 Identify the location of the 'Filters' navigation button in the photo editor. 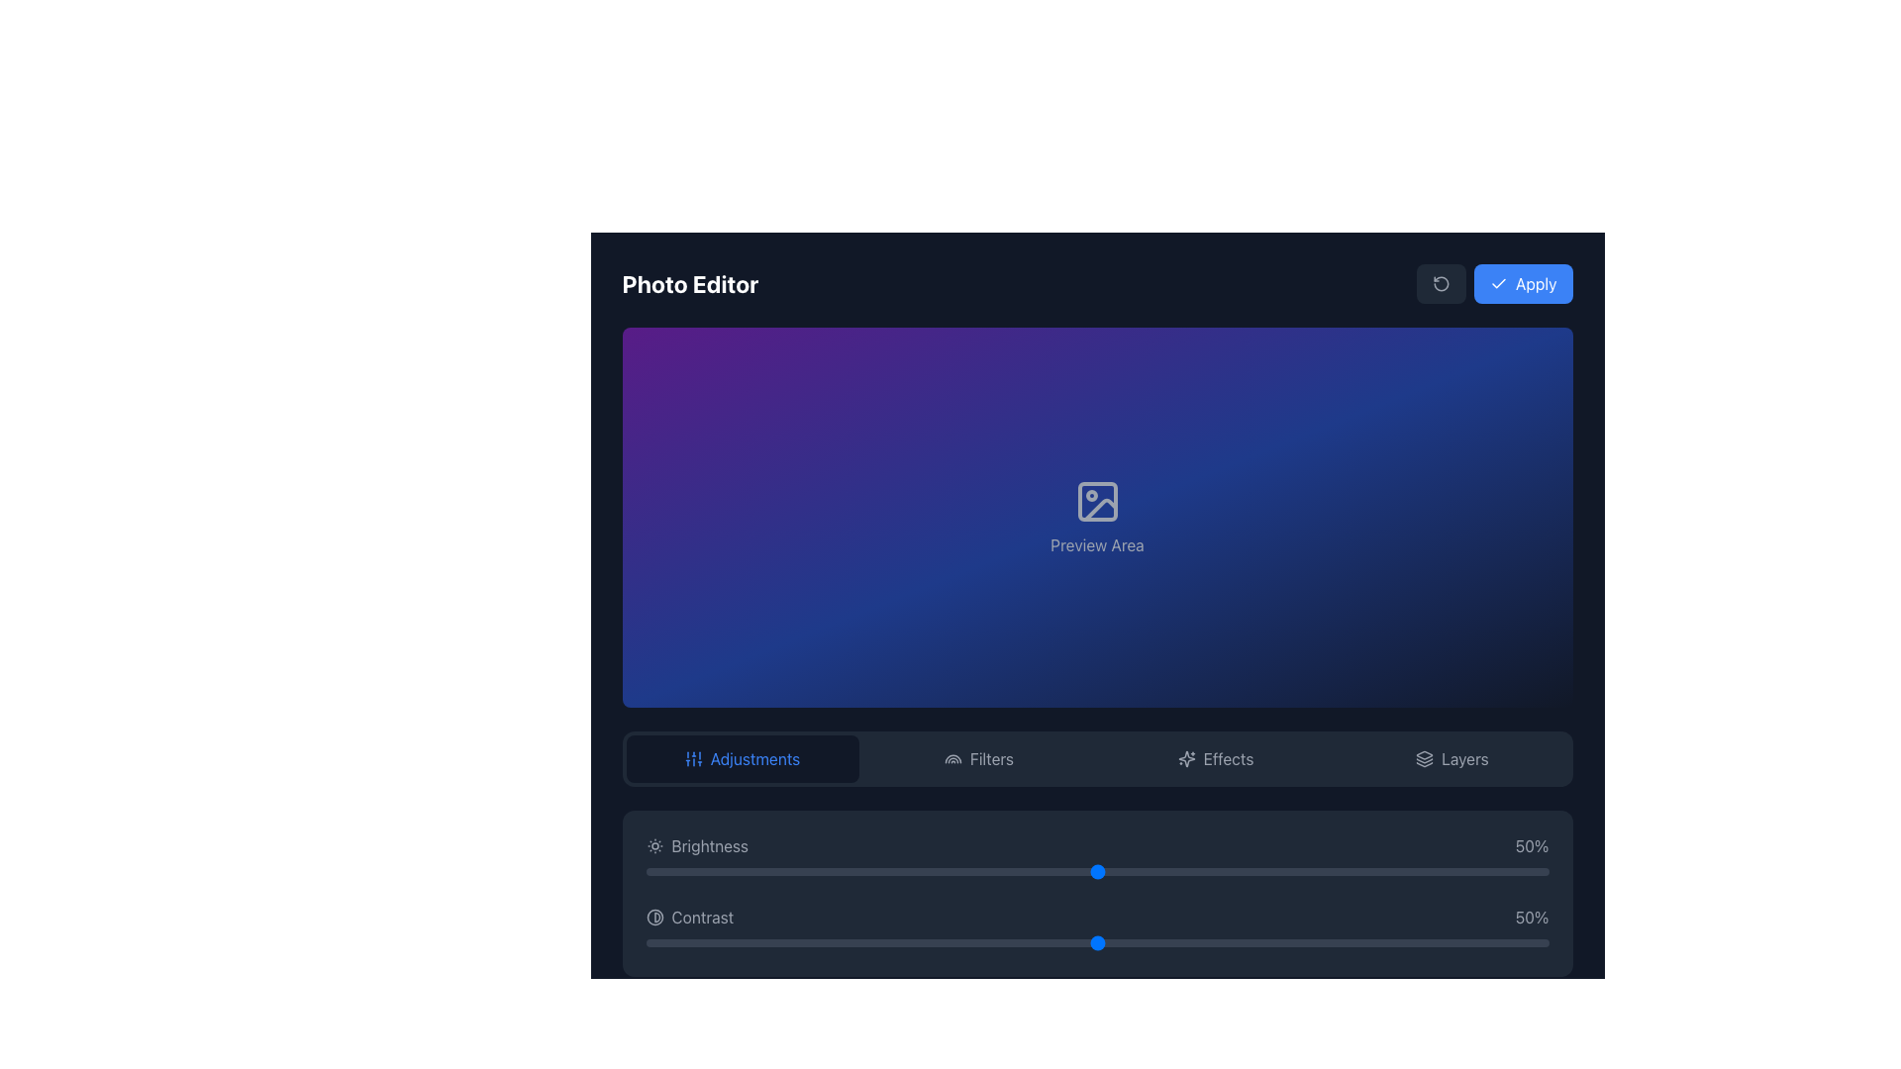
(1096, 758).